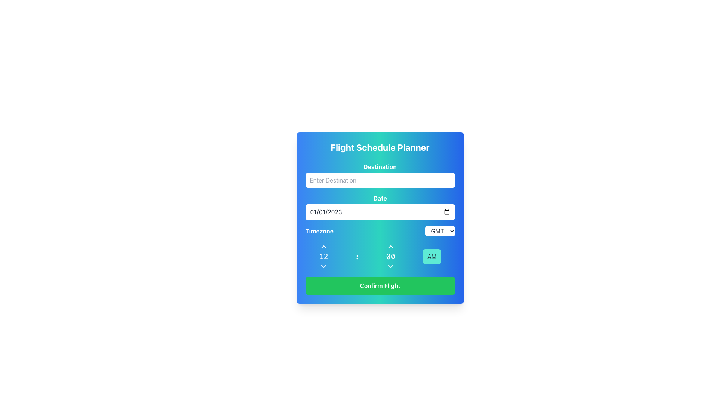 The image size is (718, 404). Describe the element at coordinates (323, 247) in the screenshot. I see `the upward triangular button with a thin white outline against a gradient blue background to increment the hour value displayed below it` at that location.